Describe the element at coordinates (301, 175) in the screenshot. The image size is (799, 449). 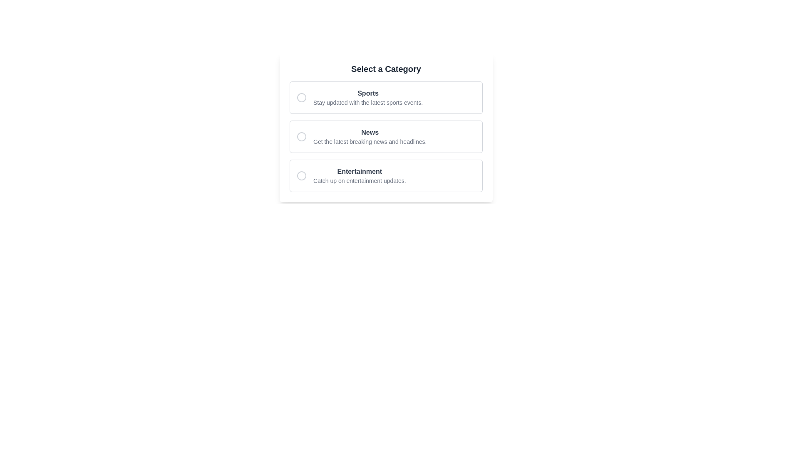
I see `the first circular UI element representing the 'Entertainment' option` at that location.